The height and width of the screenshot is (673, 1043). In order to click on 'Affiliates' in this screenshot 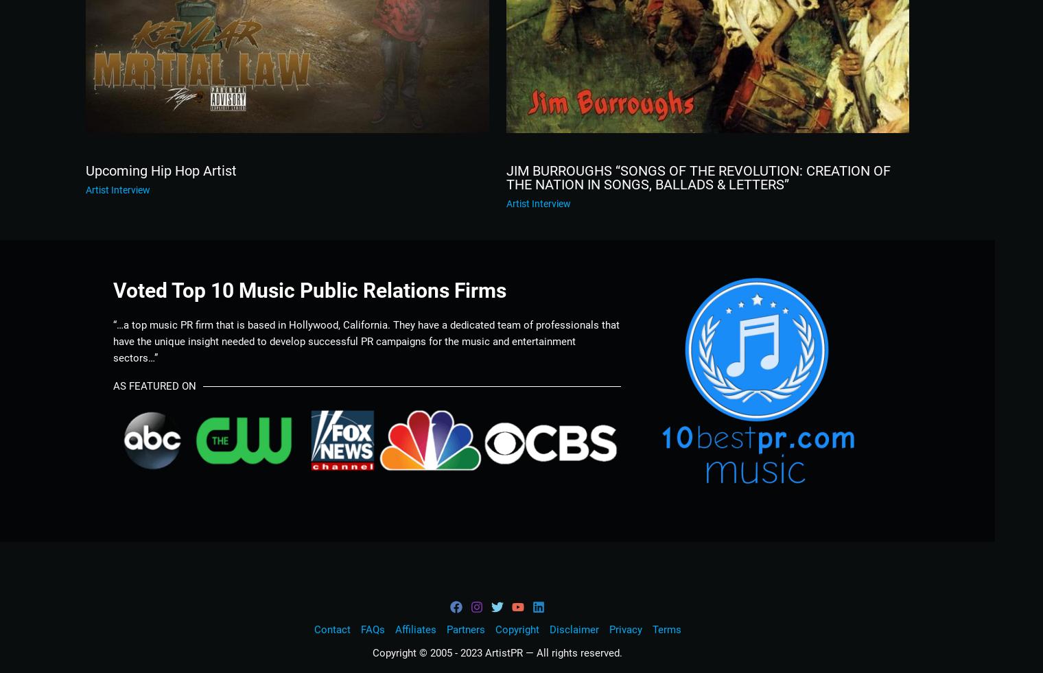, I will do `click(414, 630)`.